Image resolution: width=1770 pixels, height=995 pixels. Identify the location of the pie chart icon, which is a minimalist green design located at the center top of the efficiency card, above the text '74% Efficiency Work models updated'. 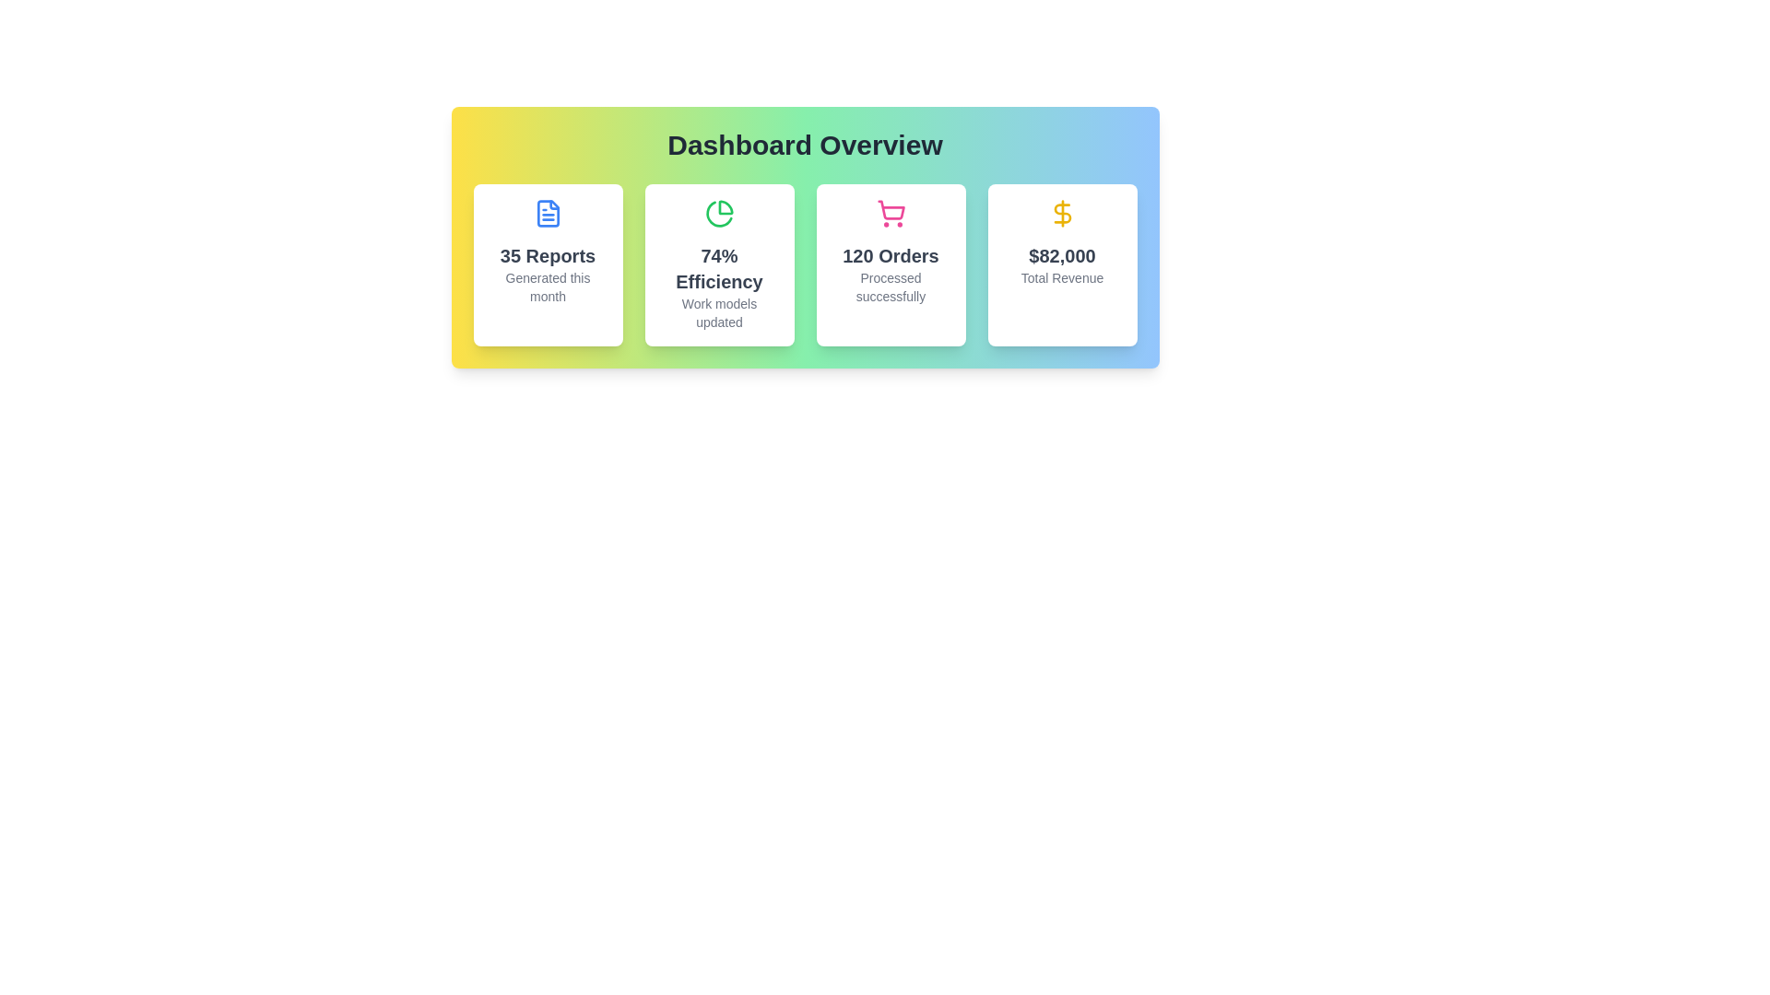
(718, 212).